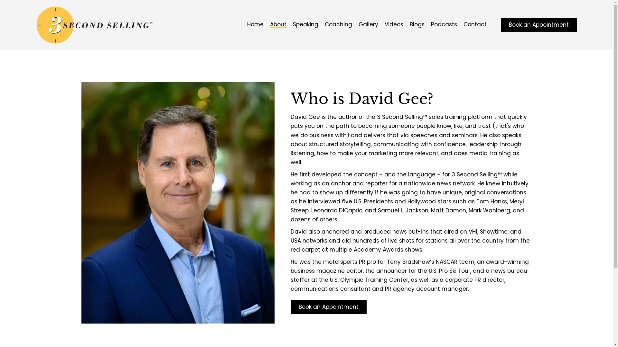 This screenshot has height=347, width=618. What do you see at coordinates (35, 24) in the screenshot?
I see `'3 Second Selling'` at bounding box center [35, 24].